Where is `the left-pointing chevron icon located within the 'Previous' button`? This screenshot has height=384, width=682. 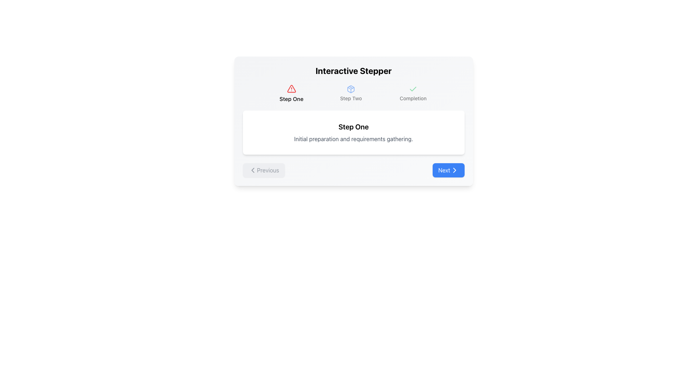
the left-pointing chevron icon located within the 'Previous' button is located at coordinates (253, 170).